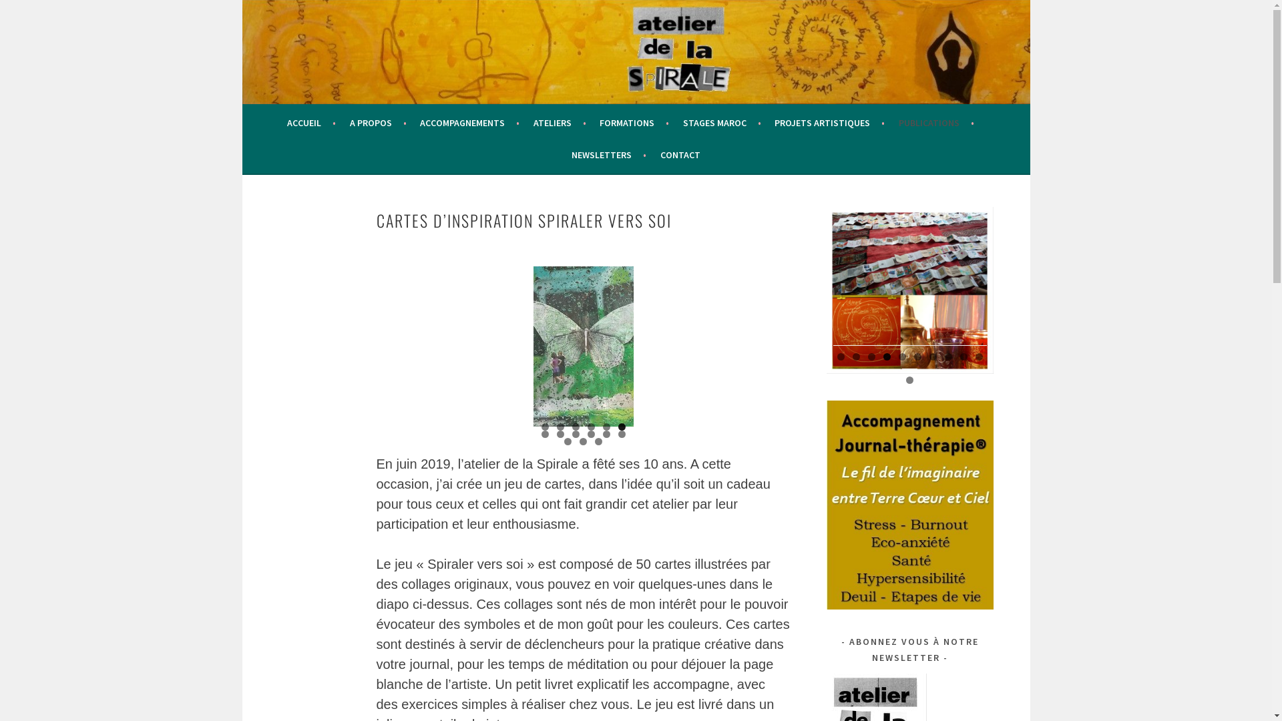 The width and height of the screenshot is (1282, 721). What do you see at coordinates (568, 441) in the screenshot?
I see `'13'` at bounding box center [568, 441].